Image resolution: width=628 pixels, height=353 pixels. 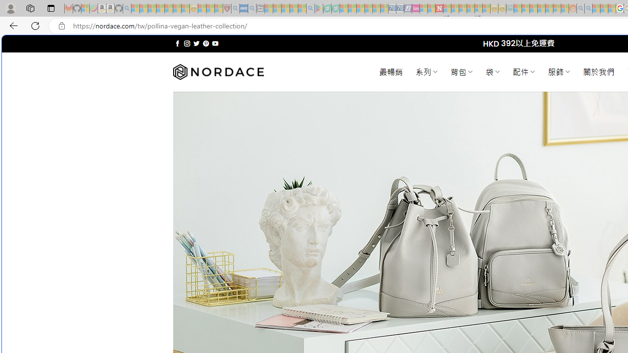 I want to click on 'google - Search - Sleeping', so click(x=310, y=8).